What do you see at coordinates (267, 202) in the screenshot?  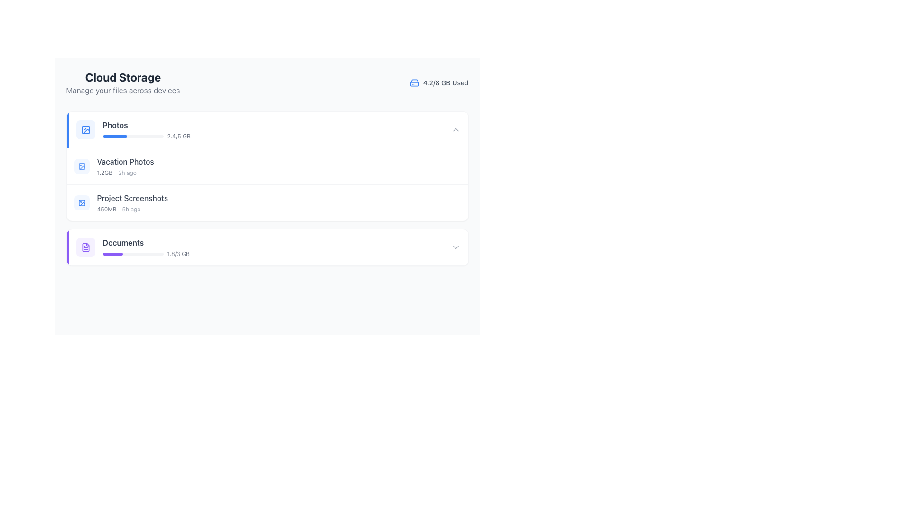 I see `the folder named 'Project Screenshots'` at bounding box center [267, 202].